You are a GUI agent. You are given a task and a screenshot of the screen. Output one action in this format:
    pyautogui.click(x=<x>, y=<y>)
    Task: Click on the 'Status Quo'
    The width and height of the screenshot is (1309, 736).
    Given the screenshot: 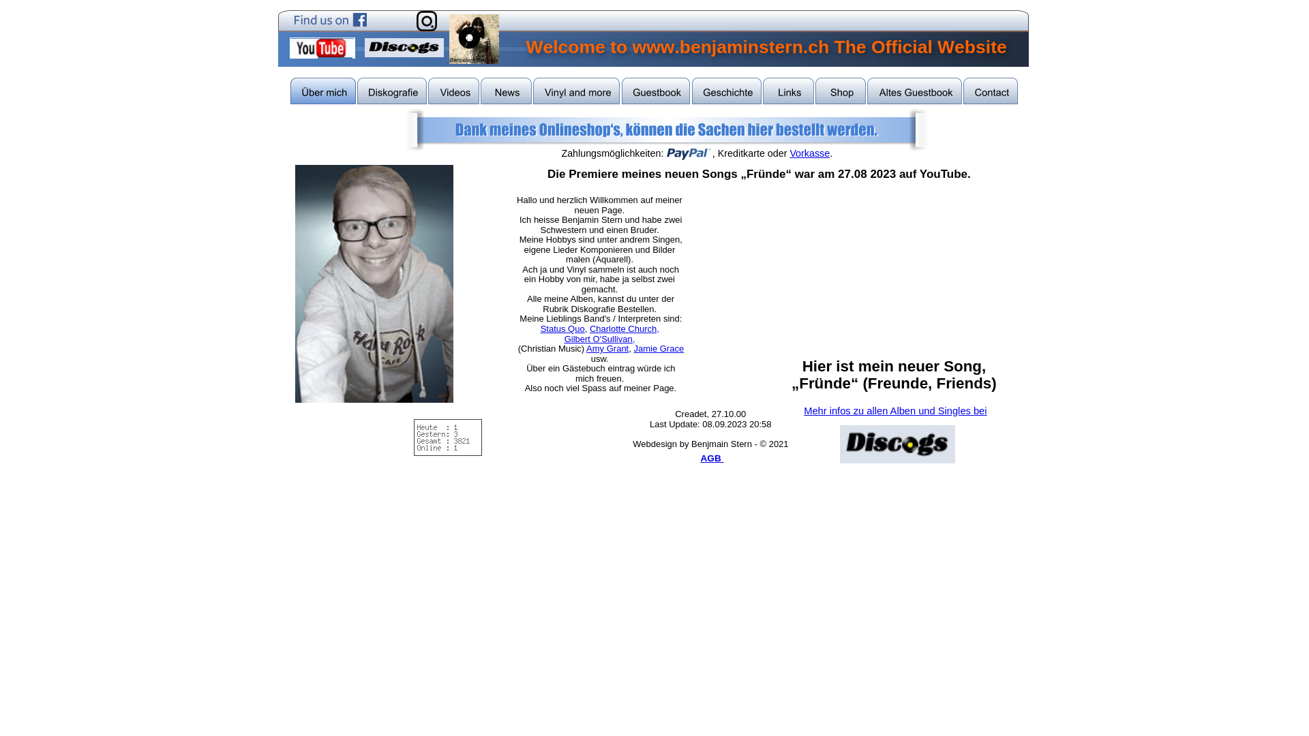 What is the action you would take?
    pyautogui.click(x=539, y=328)
    